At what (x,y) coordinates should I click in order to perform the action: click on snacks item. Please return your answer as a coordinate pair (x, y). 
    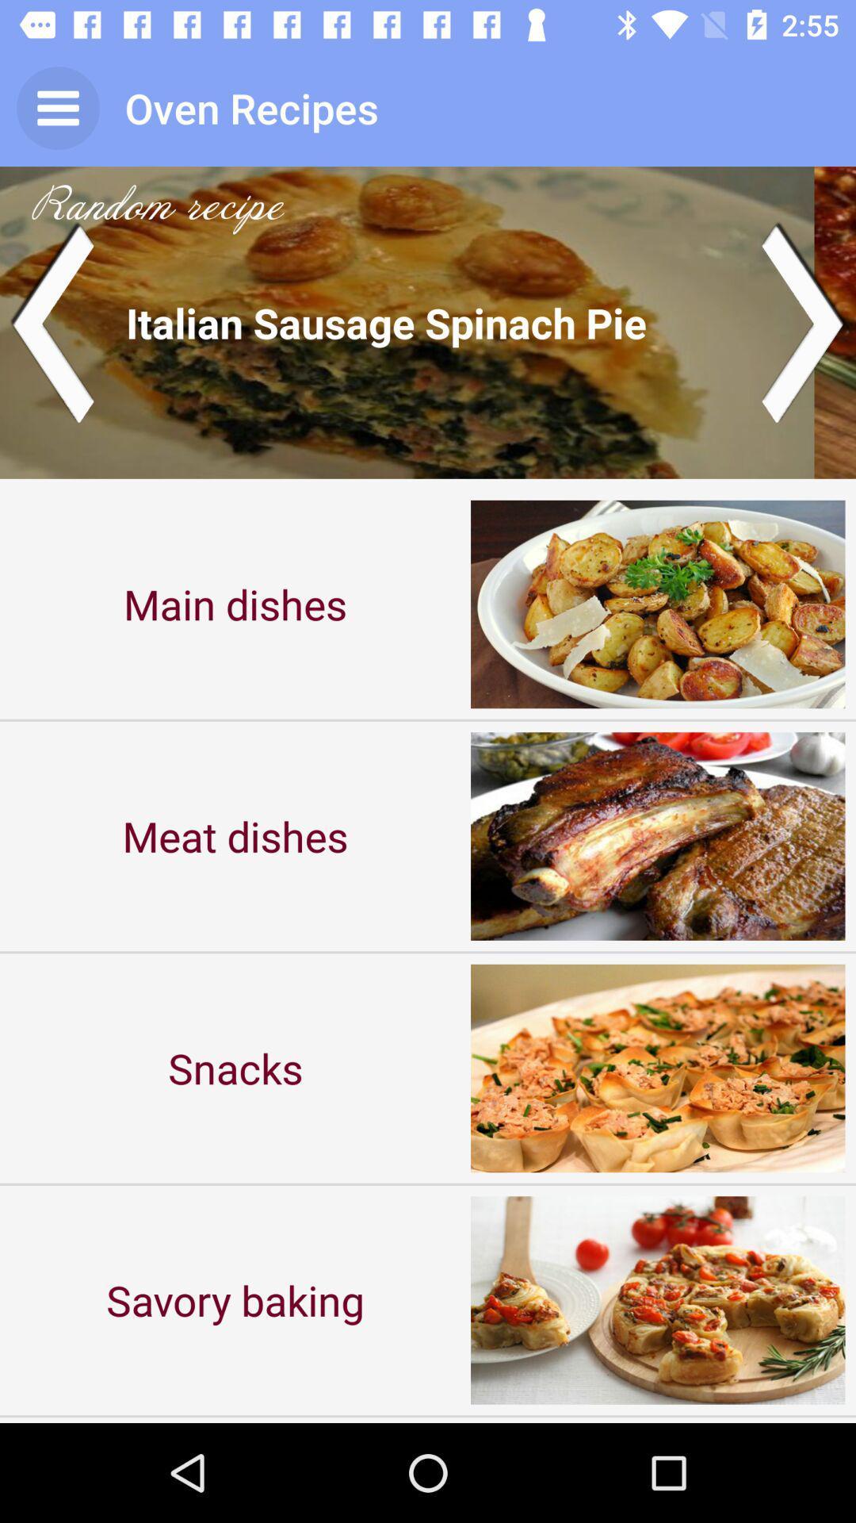
    Looking at the image, I should click on (235, 1068).